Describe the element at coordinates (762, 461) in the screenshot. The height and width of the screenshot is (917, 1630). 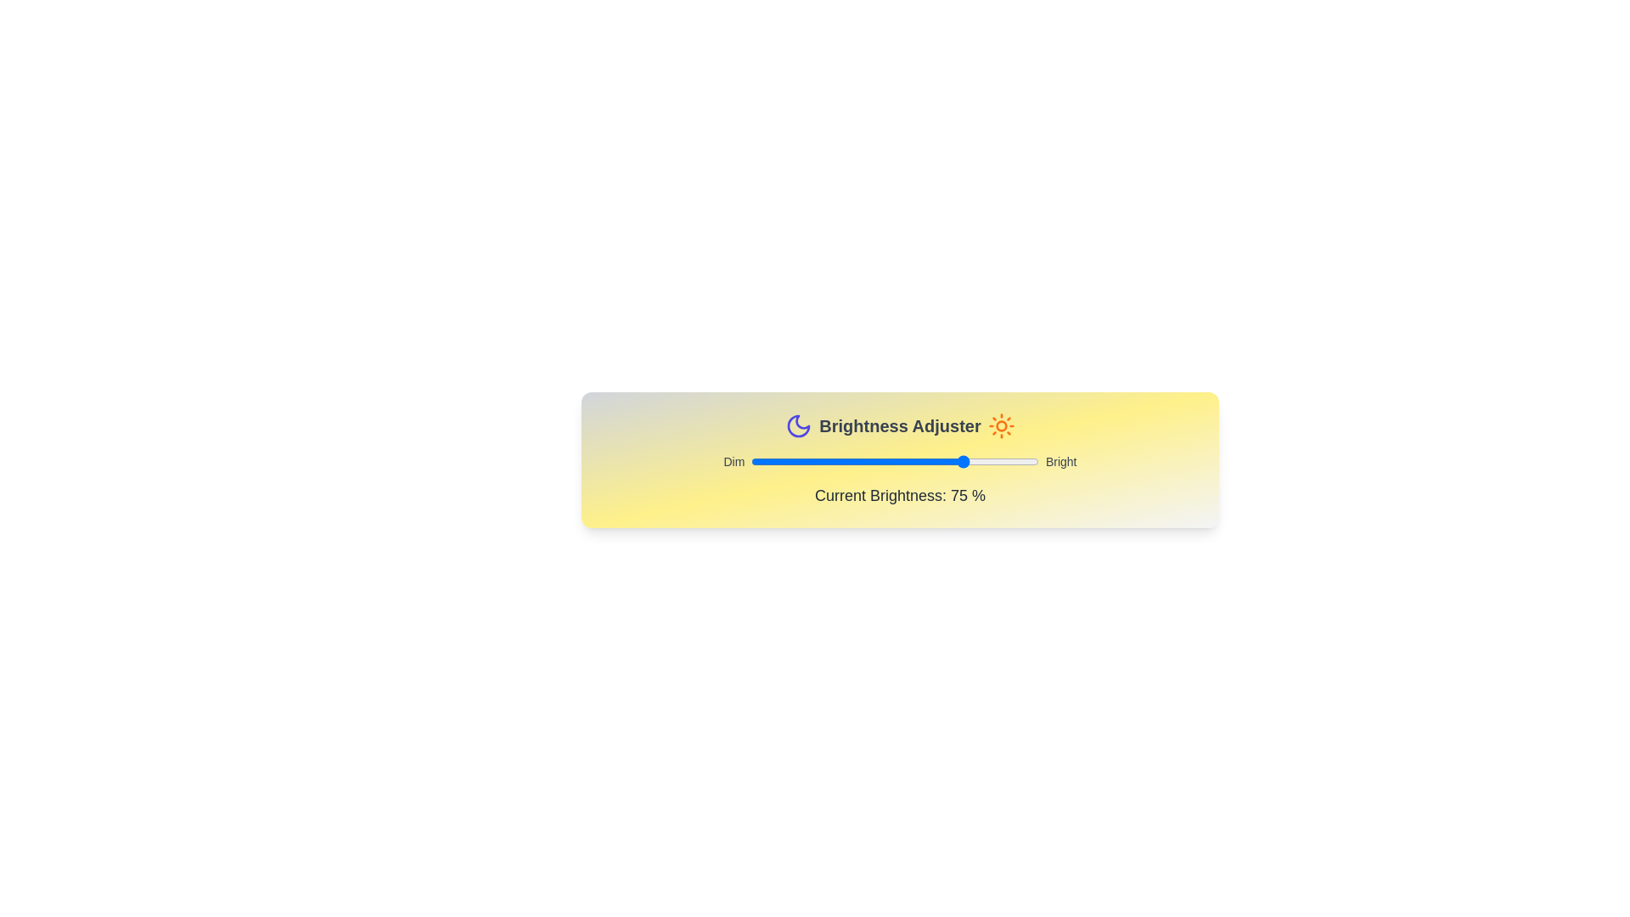
I see `the brightness slider to 4%` at that location.